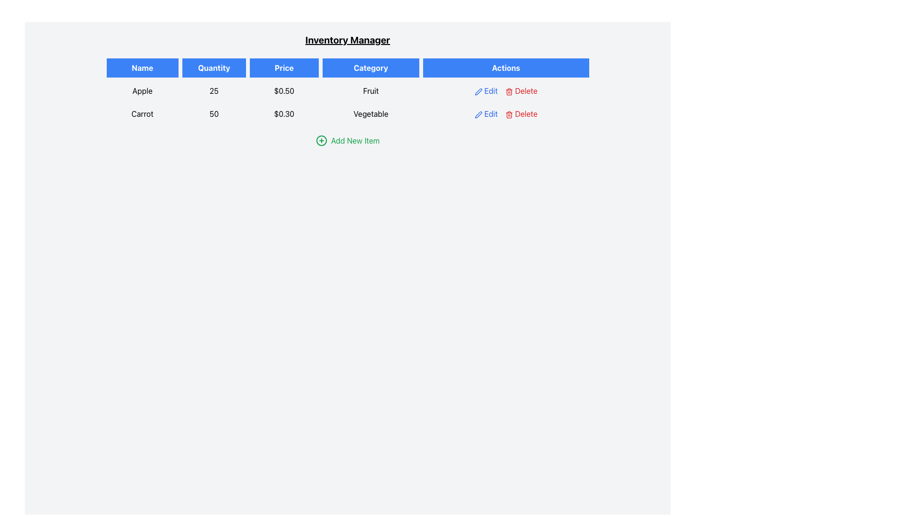  Describe the element at coordinates (142, 113) in the screenshot. I see `the 'Carrot' text label in the 'Name' column of the second row in the inventory manager interface to read the text` at that location.